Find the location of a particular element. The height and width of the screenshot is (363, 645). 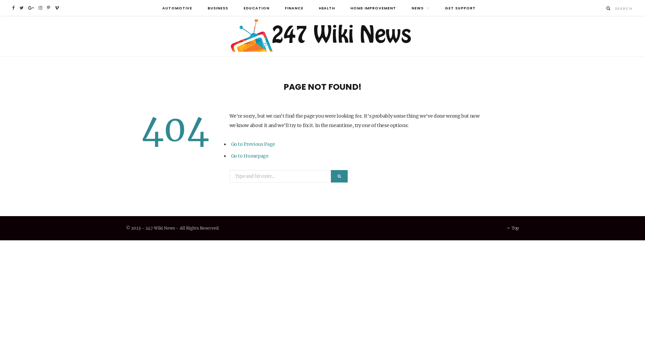

'HOME IMPROVEMENT' is located at coordinates (343, 8).